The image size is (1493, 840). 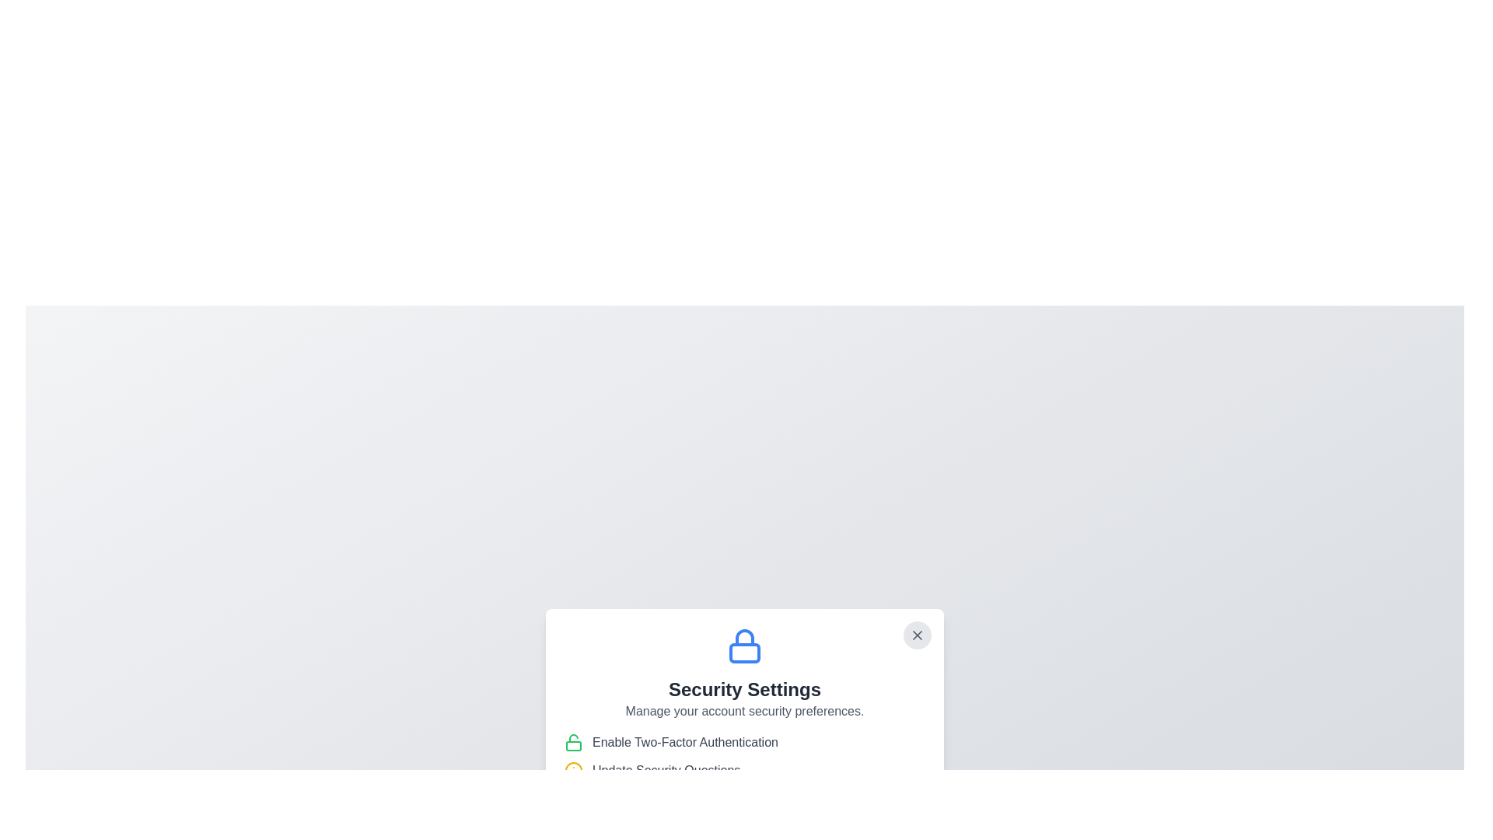 I want to click on the security icon located at the top of the modal dialog box, which is centrally positioned above the 'Security Settings' text, so click(x=744, y=646).